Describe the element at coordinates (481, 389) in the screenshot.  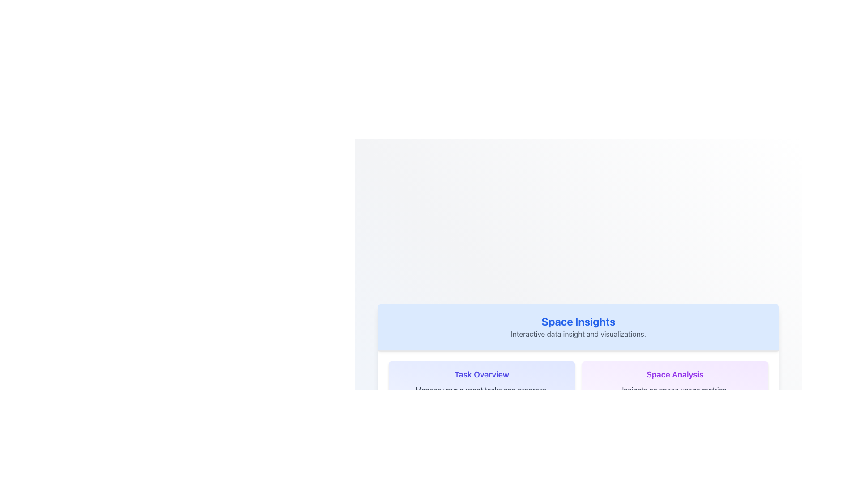
I see `the text element 'Manage your current tasks and progress.' which is styled in gray color and located below the title 'Task Overview' within a card-like section` at that location.